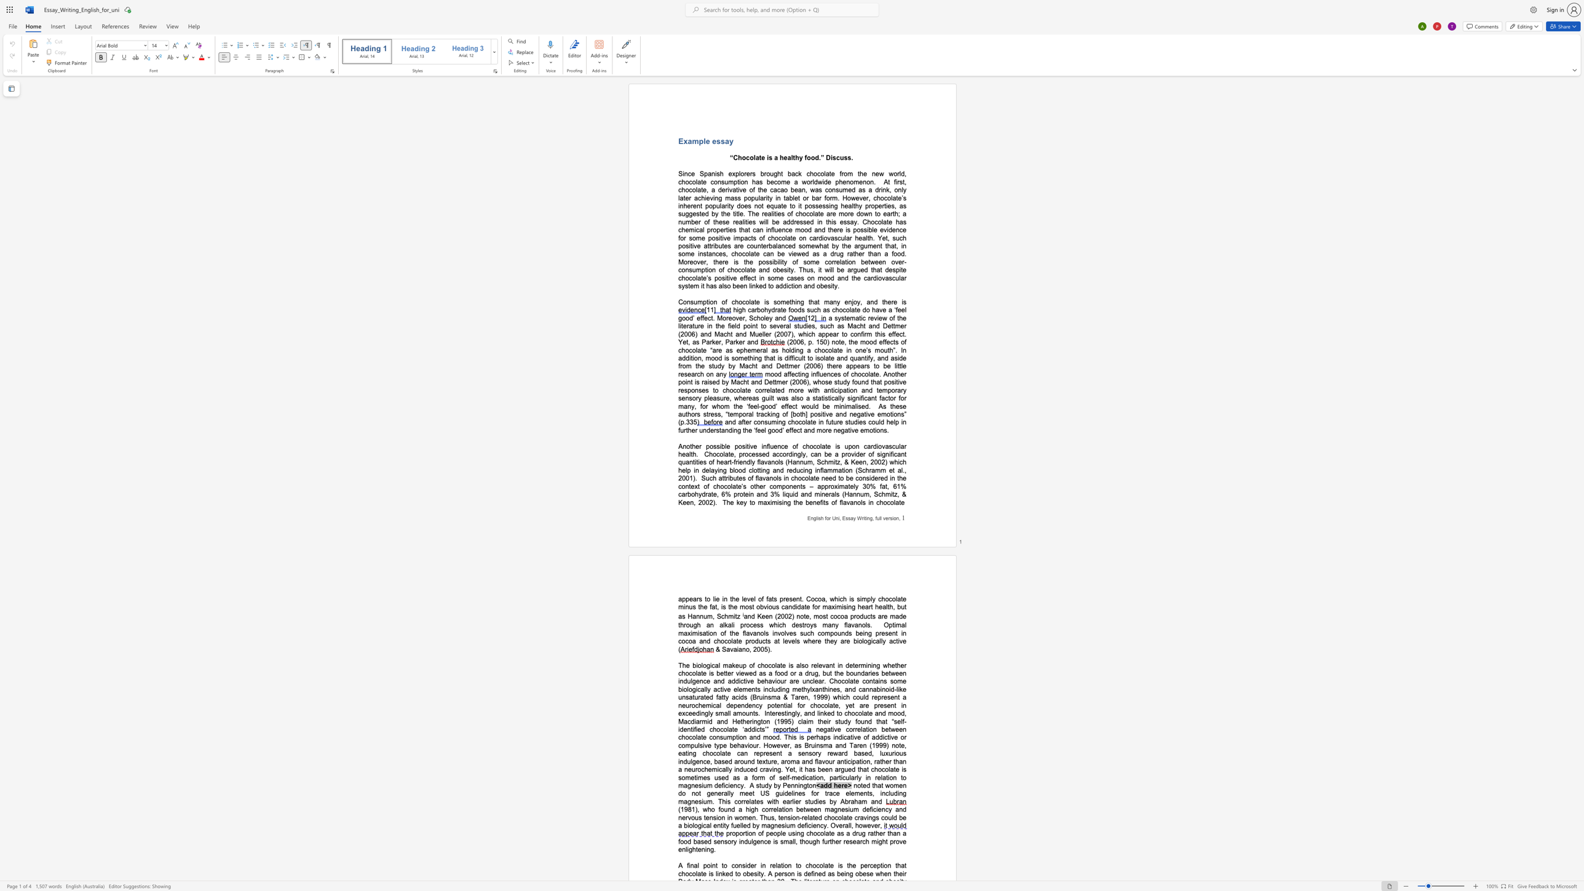 This screenshot has width=1584, height=891. Describe the element at coordinates (889, 229) in the screenshot. I see `the space between the continuous character "i" and "d" in the text` at that location.